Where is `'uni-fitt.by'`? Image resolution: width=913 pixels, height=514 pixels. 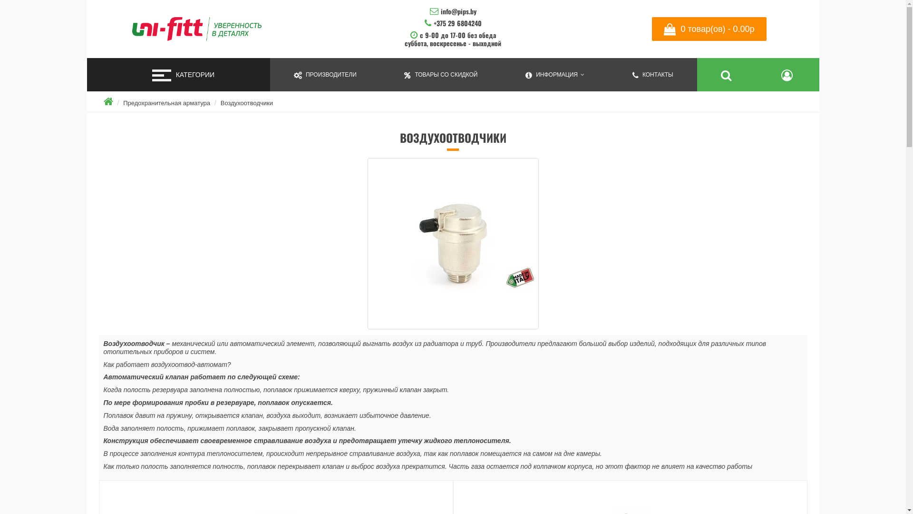
'uni-fitt.by' is located at coordinates (129, 28).